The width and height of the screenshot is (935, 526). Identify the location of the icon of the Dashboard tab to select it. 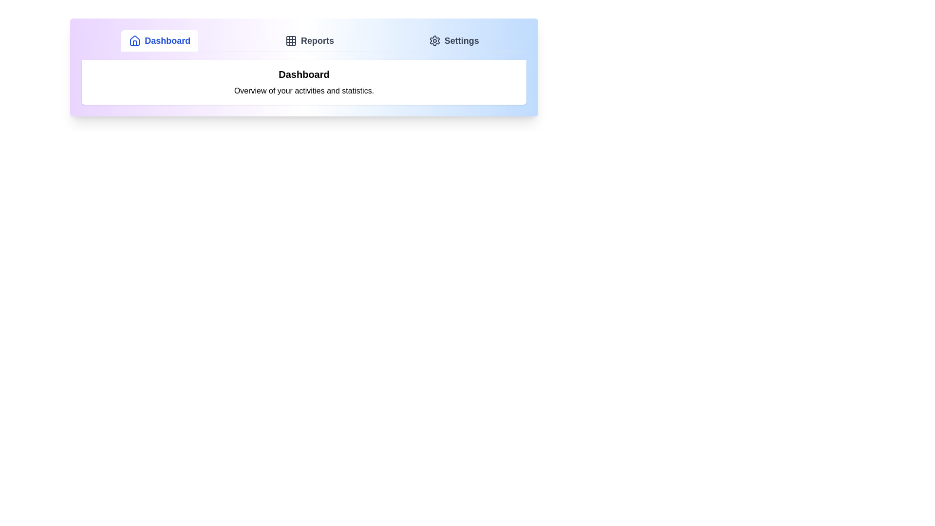
(134, 40).